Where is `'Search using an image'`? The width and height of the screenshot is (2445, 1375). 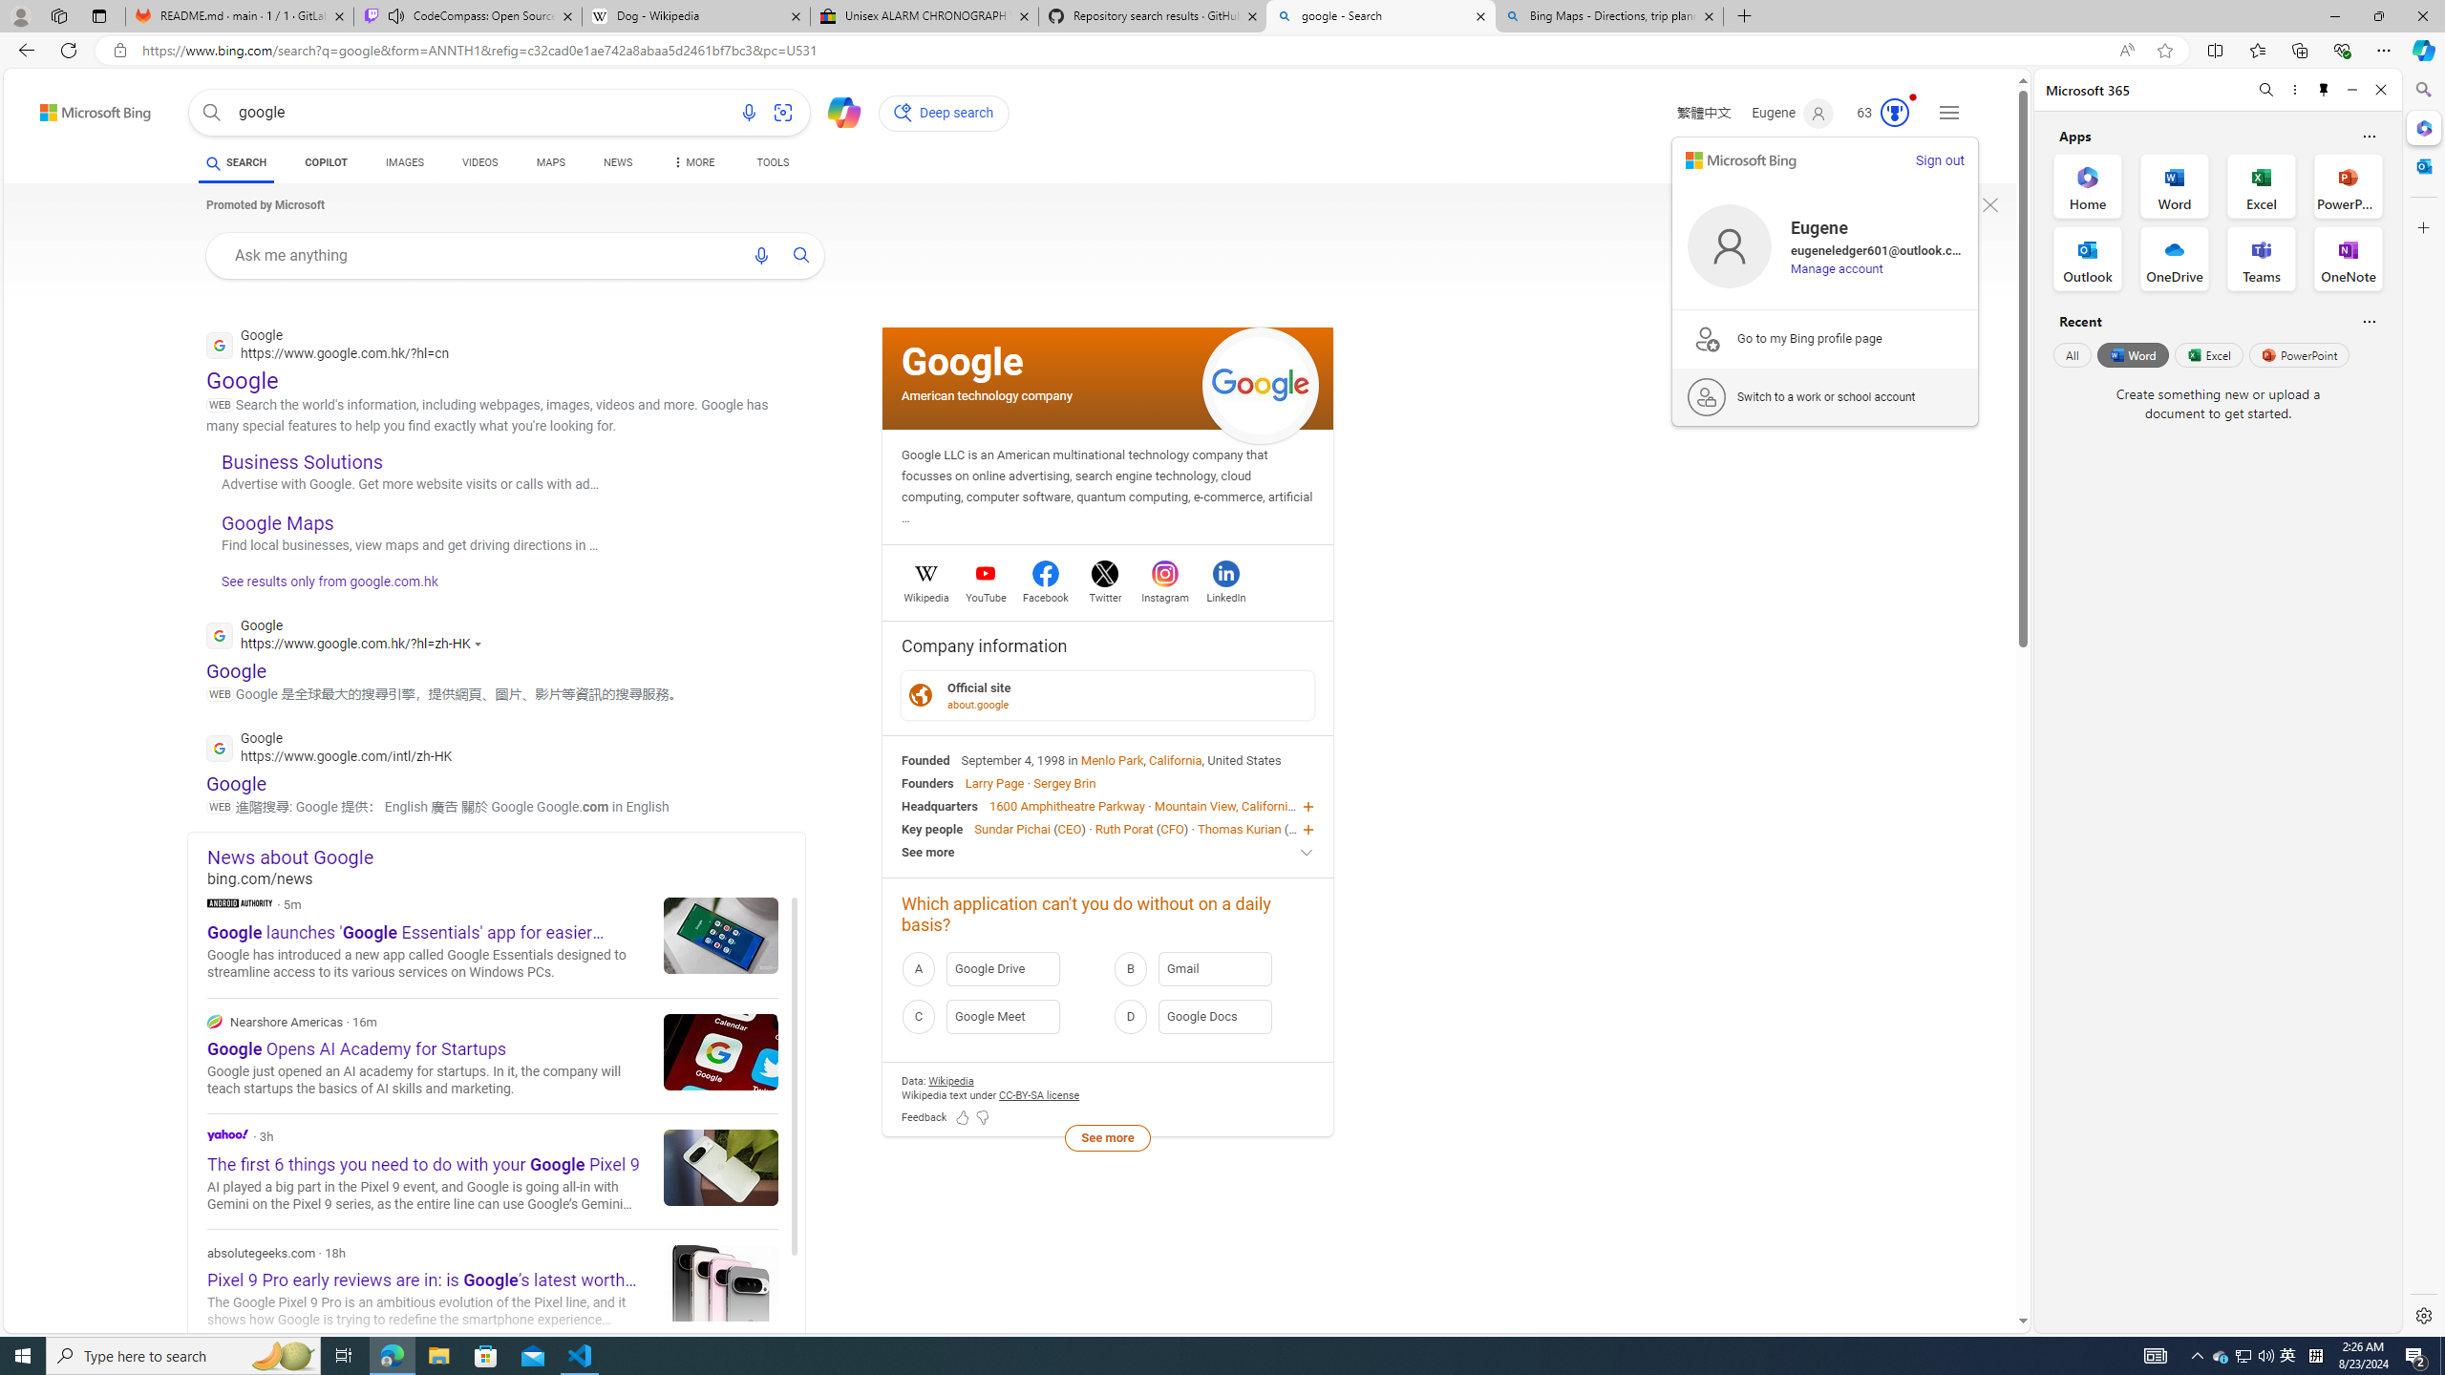 'Search using an image' is located at coordinates (782, 113).